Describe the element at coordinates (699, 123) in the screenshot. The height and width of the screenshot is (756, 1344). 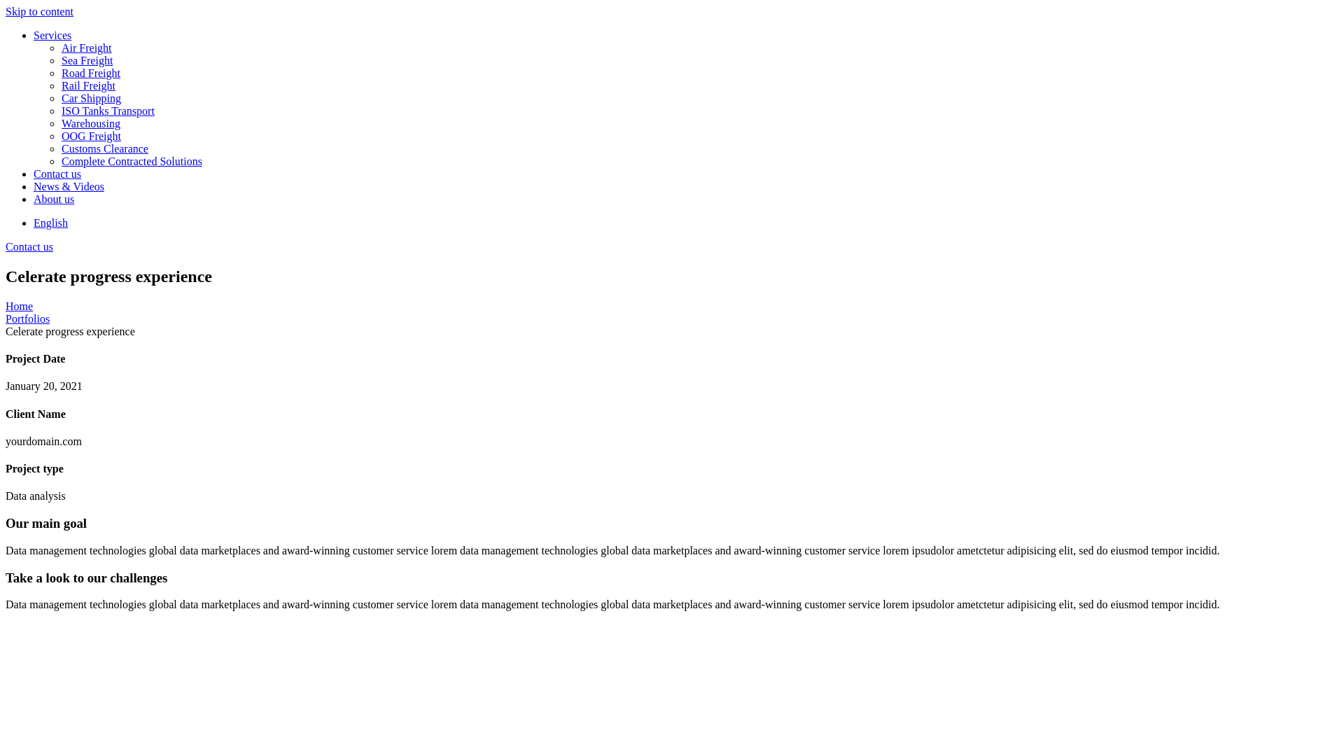
I see `'Warehousing'` at that location.